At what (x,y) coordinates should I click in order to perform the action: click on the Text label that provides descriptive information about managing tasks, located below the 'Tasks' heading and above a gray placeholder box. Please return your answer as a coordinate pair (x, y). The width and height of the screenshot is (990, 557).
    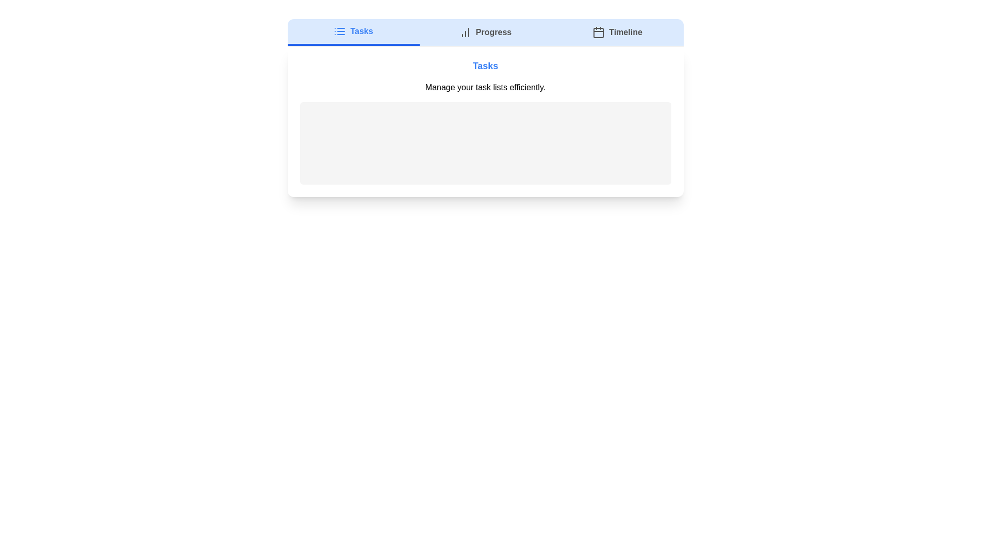
    Looking at the image, I should click on (485, 87).